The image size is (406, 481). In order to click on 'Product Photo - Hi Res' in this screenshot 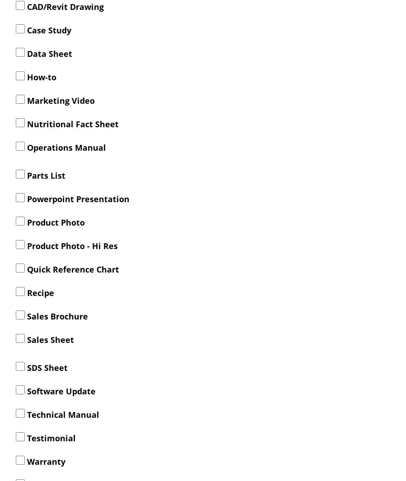, I will do `click(71, 245)`.